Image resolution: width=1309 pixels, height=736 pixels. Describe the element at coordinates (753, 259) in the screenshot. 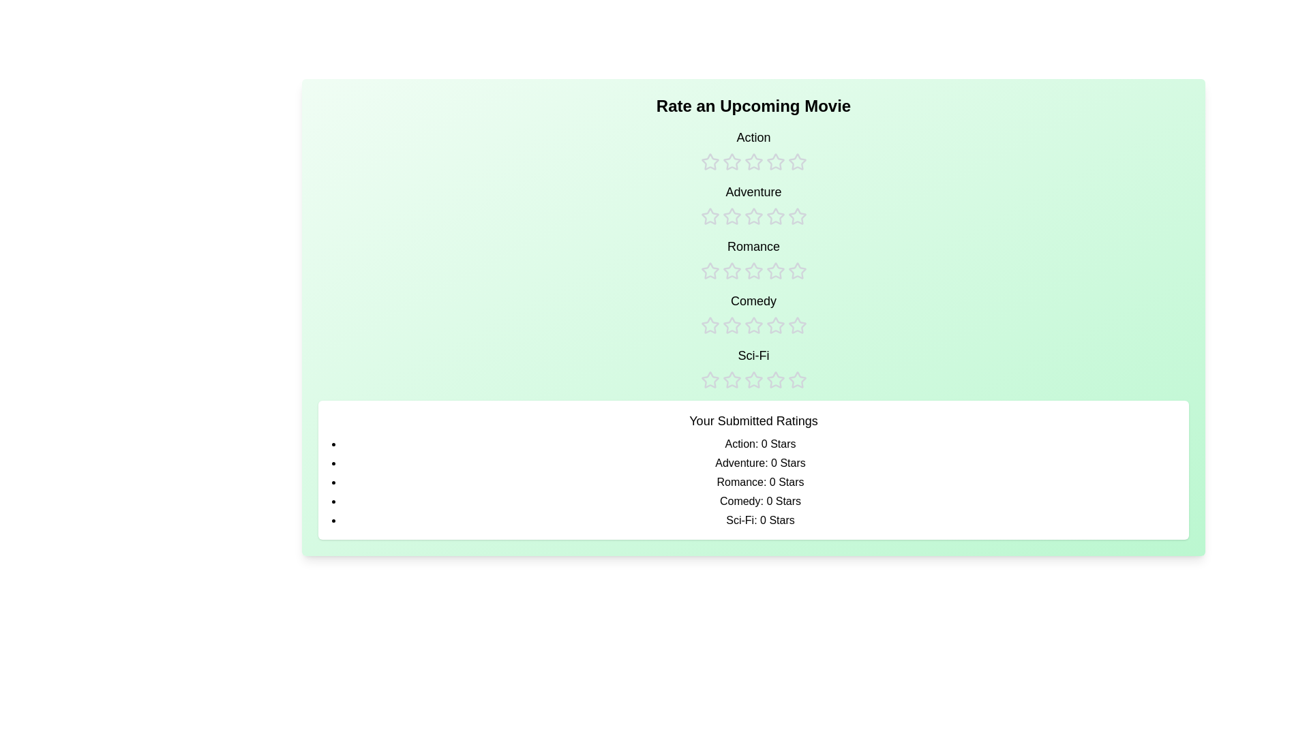

I see `the rating for the Romance category to 3 stars` at that location.